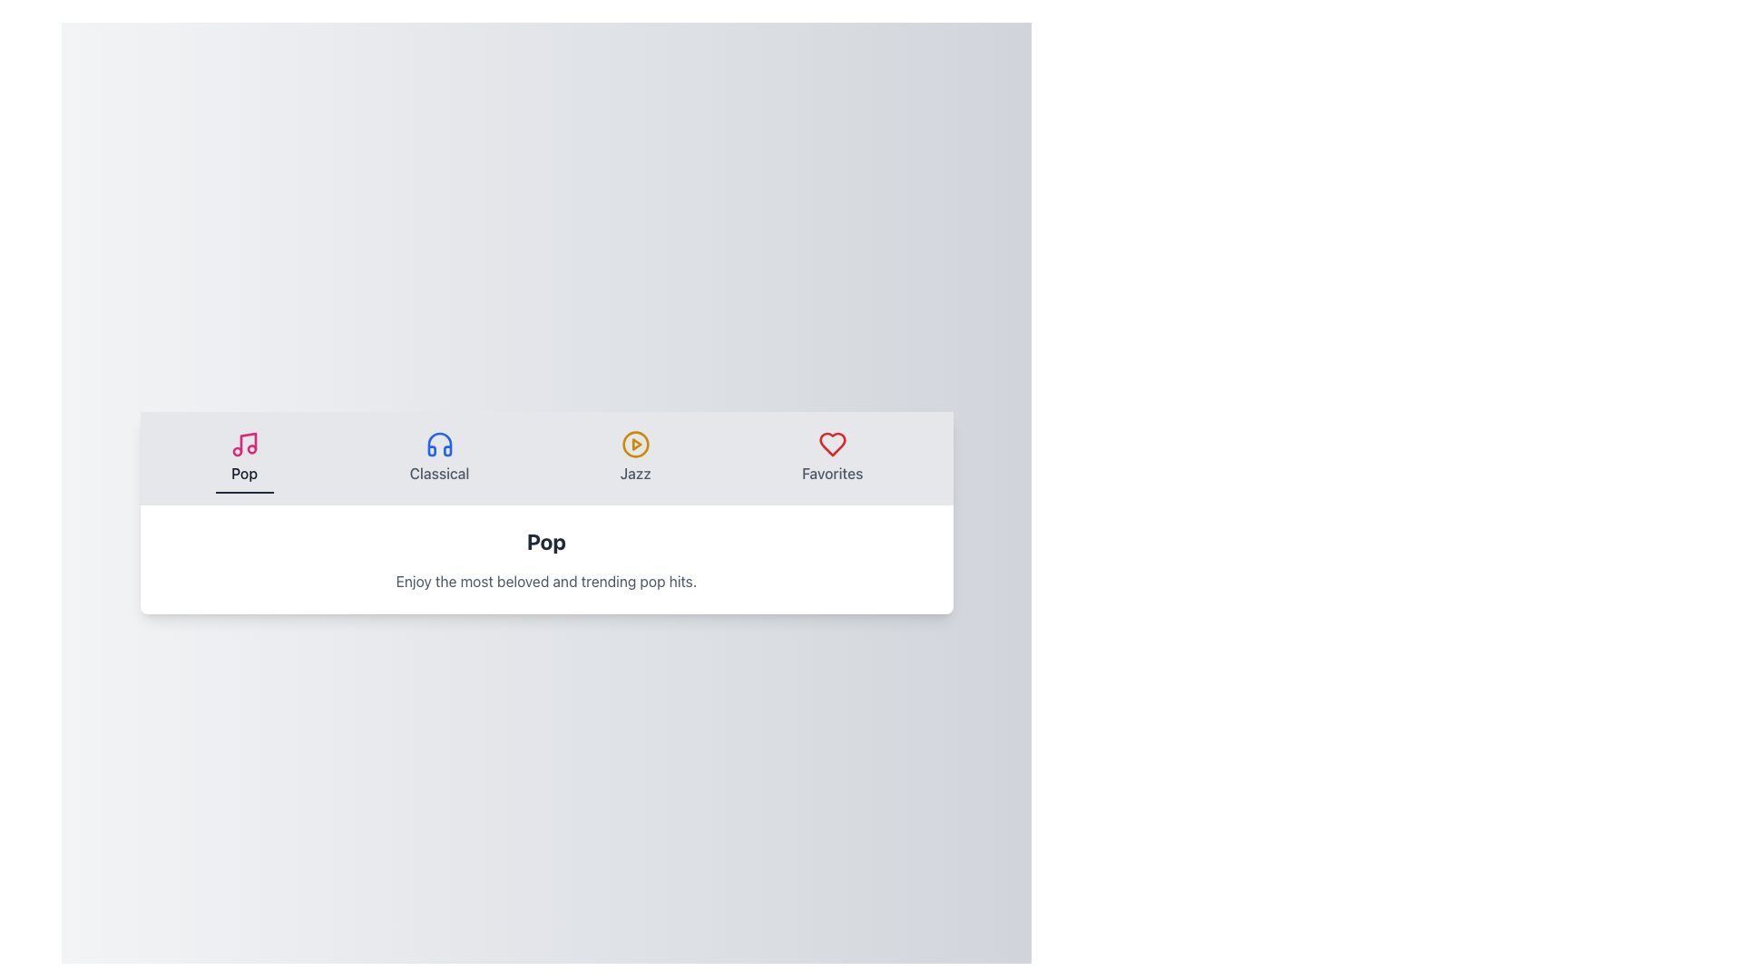  Describe the element at coordinates (545, 581) in the screenshot. I see `the static text element that reads 'Enjoy the most beloved and trending pop hits.' which is located below the heading 'Pop.'` at that location.